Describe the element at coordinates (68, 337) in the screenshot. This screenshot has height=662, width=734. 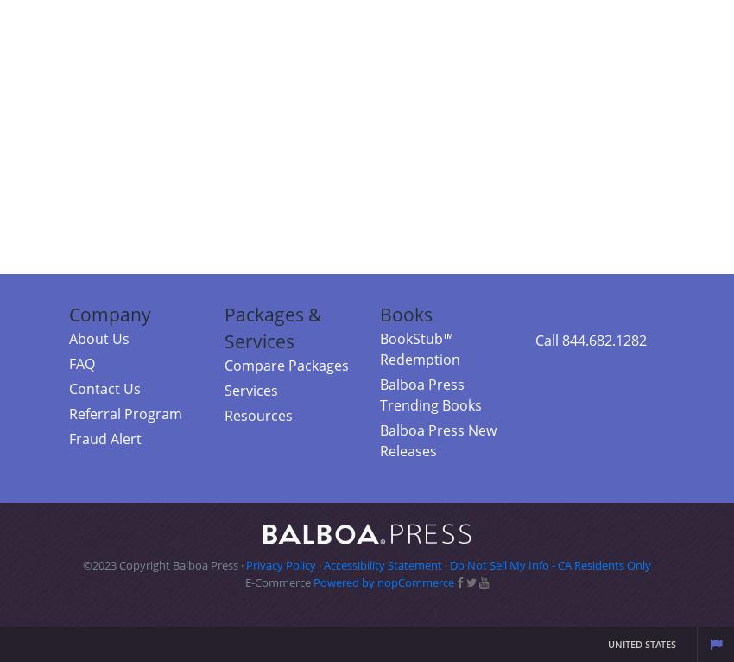
I see `'About Us'` at that location.